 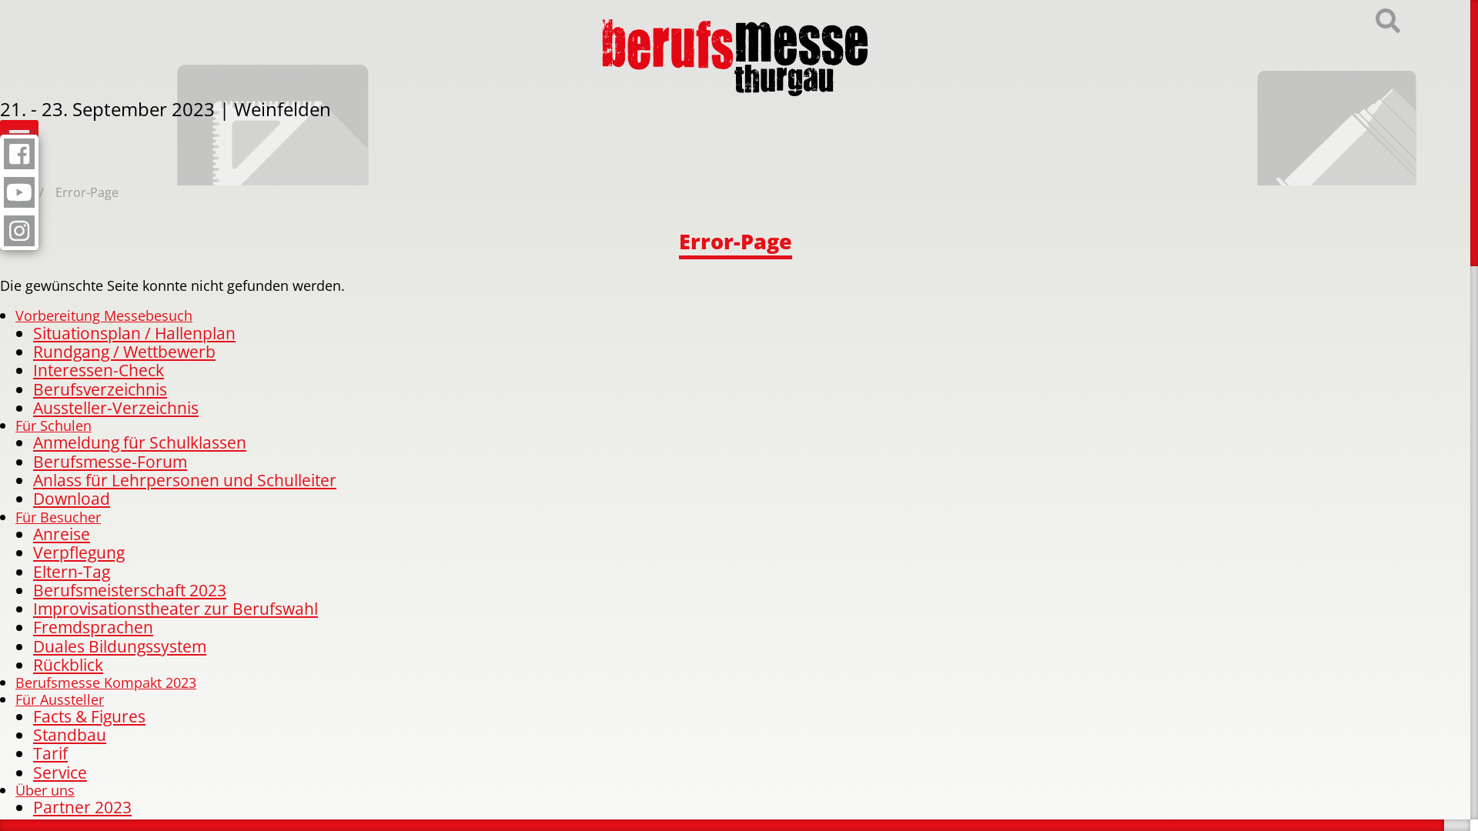 I want to click on 'Verpflegung', so click(x=78, y=551).